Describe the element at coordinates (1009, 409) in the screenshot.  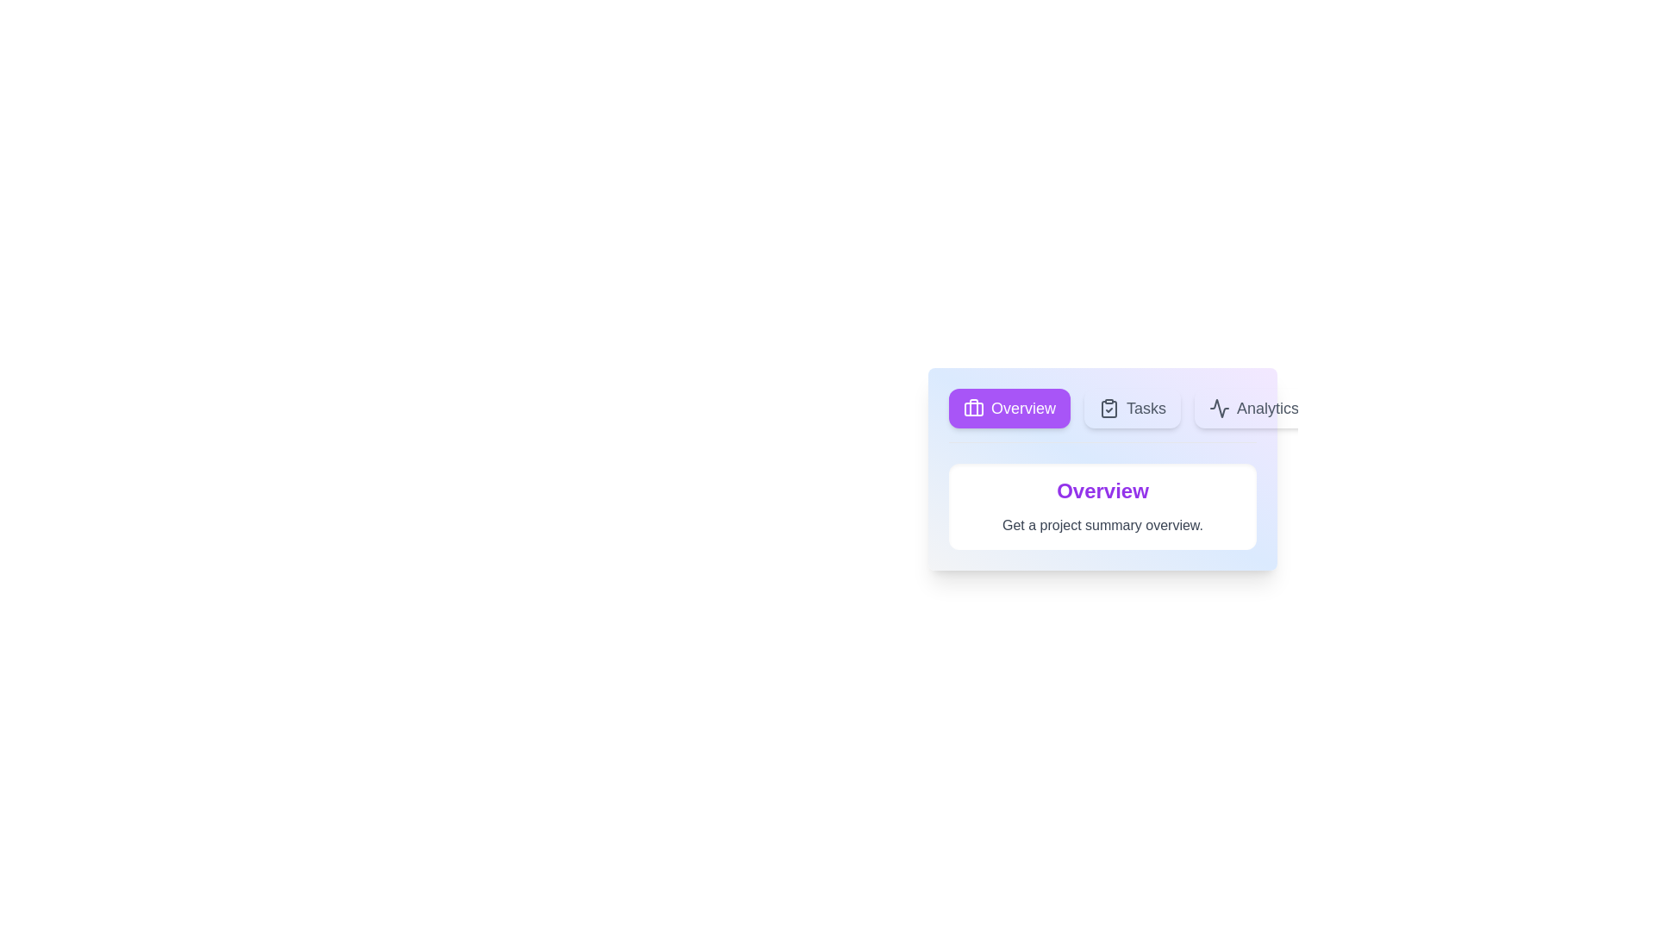
I see `the tab labeled Overview` at that location.